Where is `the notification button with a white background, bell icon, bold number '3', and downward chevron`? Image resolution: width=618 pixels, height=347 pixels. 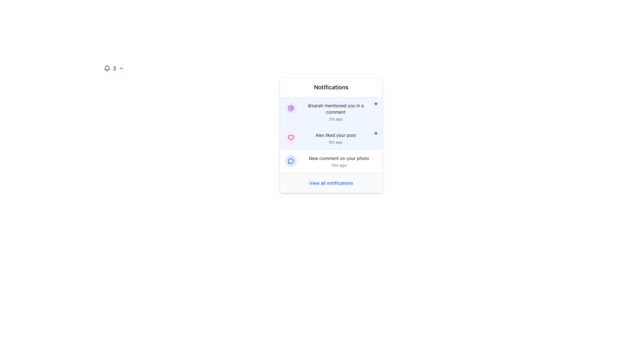 the notification button with a white background, bell icon, bold number '3', and downward chevron is located at coordinates (114, 68).